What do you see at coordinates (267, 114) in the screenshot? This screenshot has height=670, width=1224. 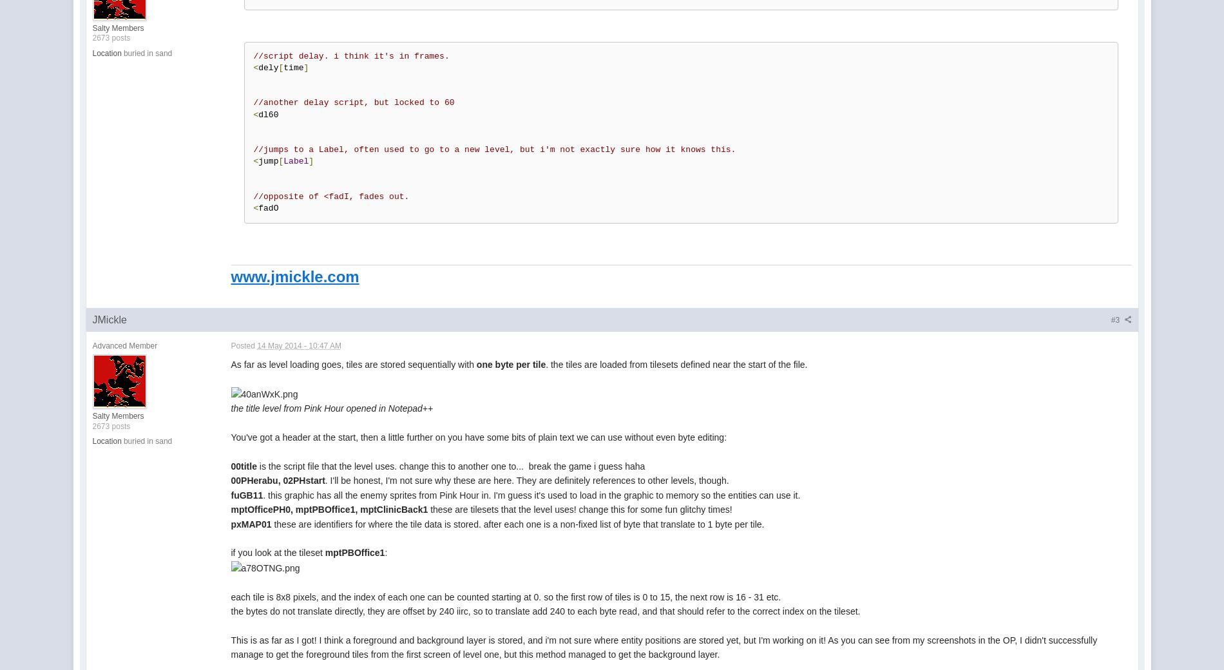 I see `'dl60'` at bounding box center [267, 114].